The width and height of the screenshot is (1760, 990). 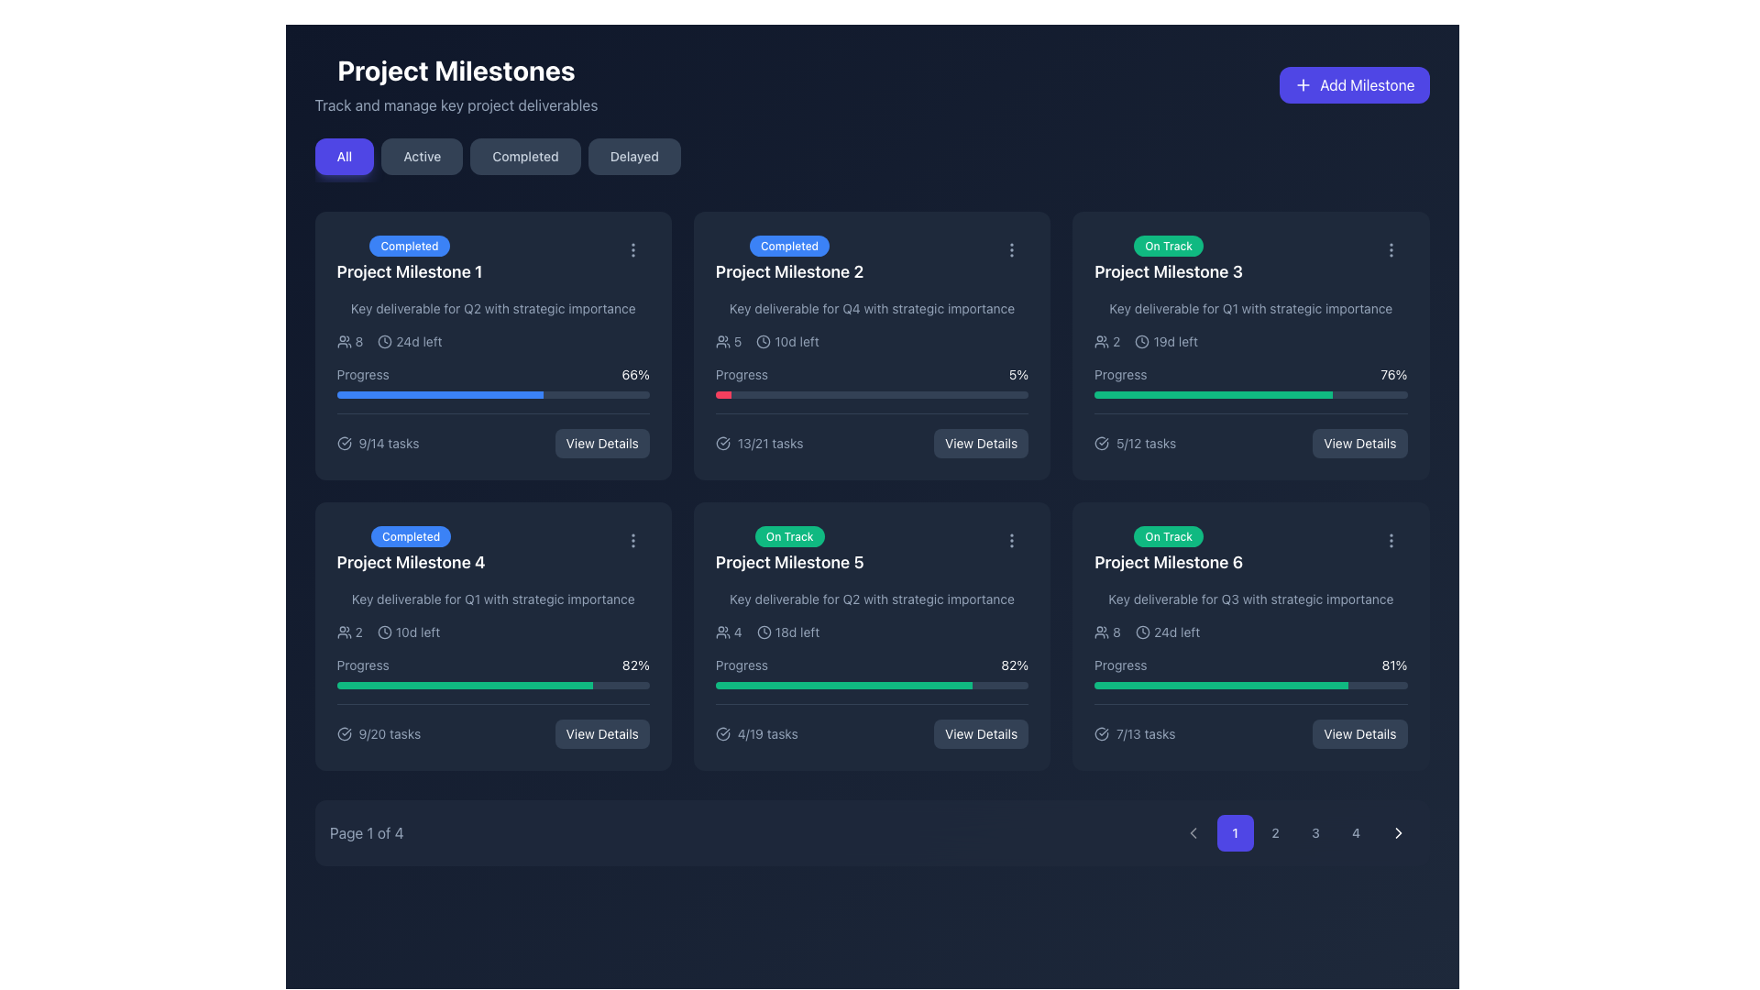 I want to click on text label that says 'Key deliverable for Q3 with strategic importance' located beneath the title 'Project Milestone 6' in the card layout, so click(x=1249, y=599).